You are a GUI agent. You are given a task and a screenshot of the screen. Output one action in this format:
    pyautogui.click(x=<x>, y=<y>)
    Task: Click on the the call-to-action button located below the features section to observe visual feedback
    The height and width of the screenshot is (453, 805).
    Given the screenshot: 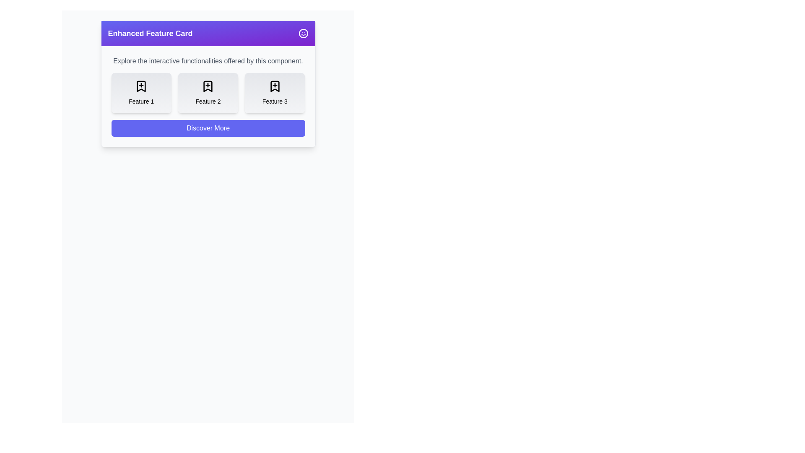 What is the action you would take?
    pyautogui.click(x=208, y=128)
    